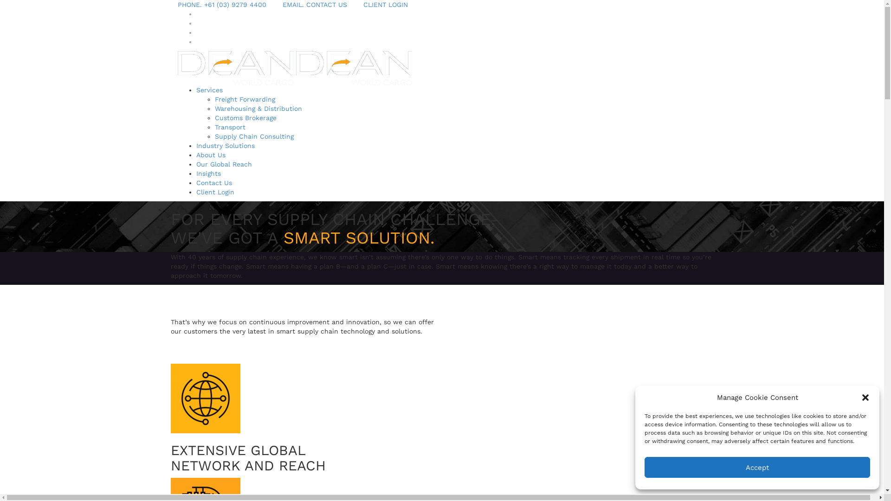 The width and height of the screenshot is (891, 501). What do you see at coordinates (207, 173) in the screenshot?
I see `'Insights'` at bounding box center [207, 173].